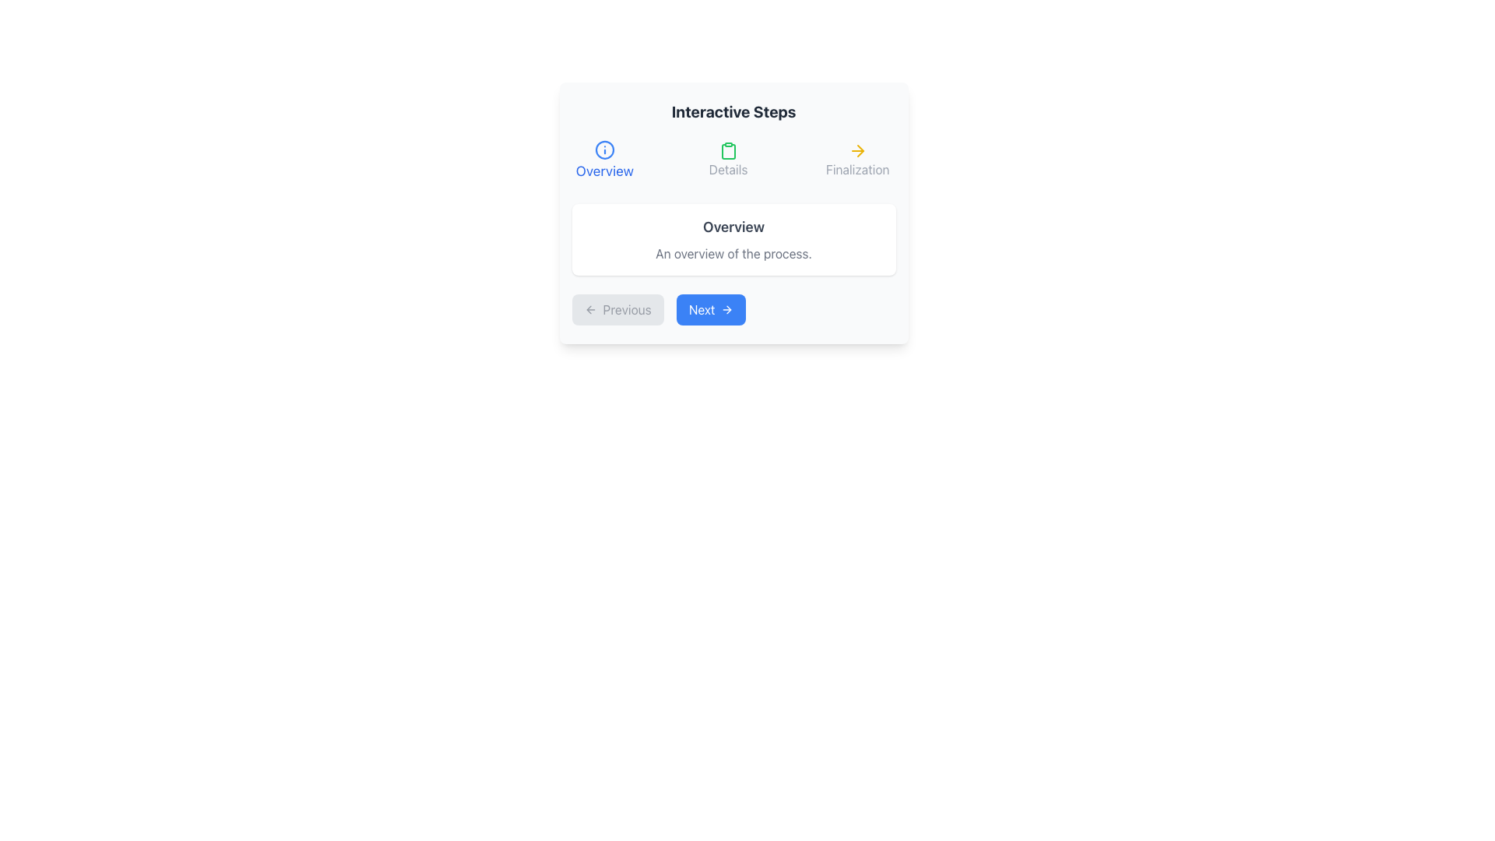 Image resolution: width=1495 pixels, height=841 pixels. What do you see at coordinates (733, 111) in the screenshot?
I see `the Text Label at the top-center of the card interface, which serves as a header introducing the content below` at bounding box center [733, 111].